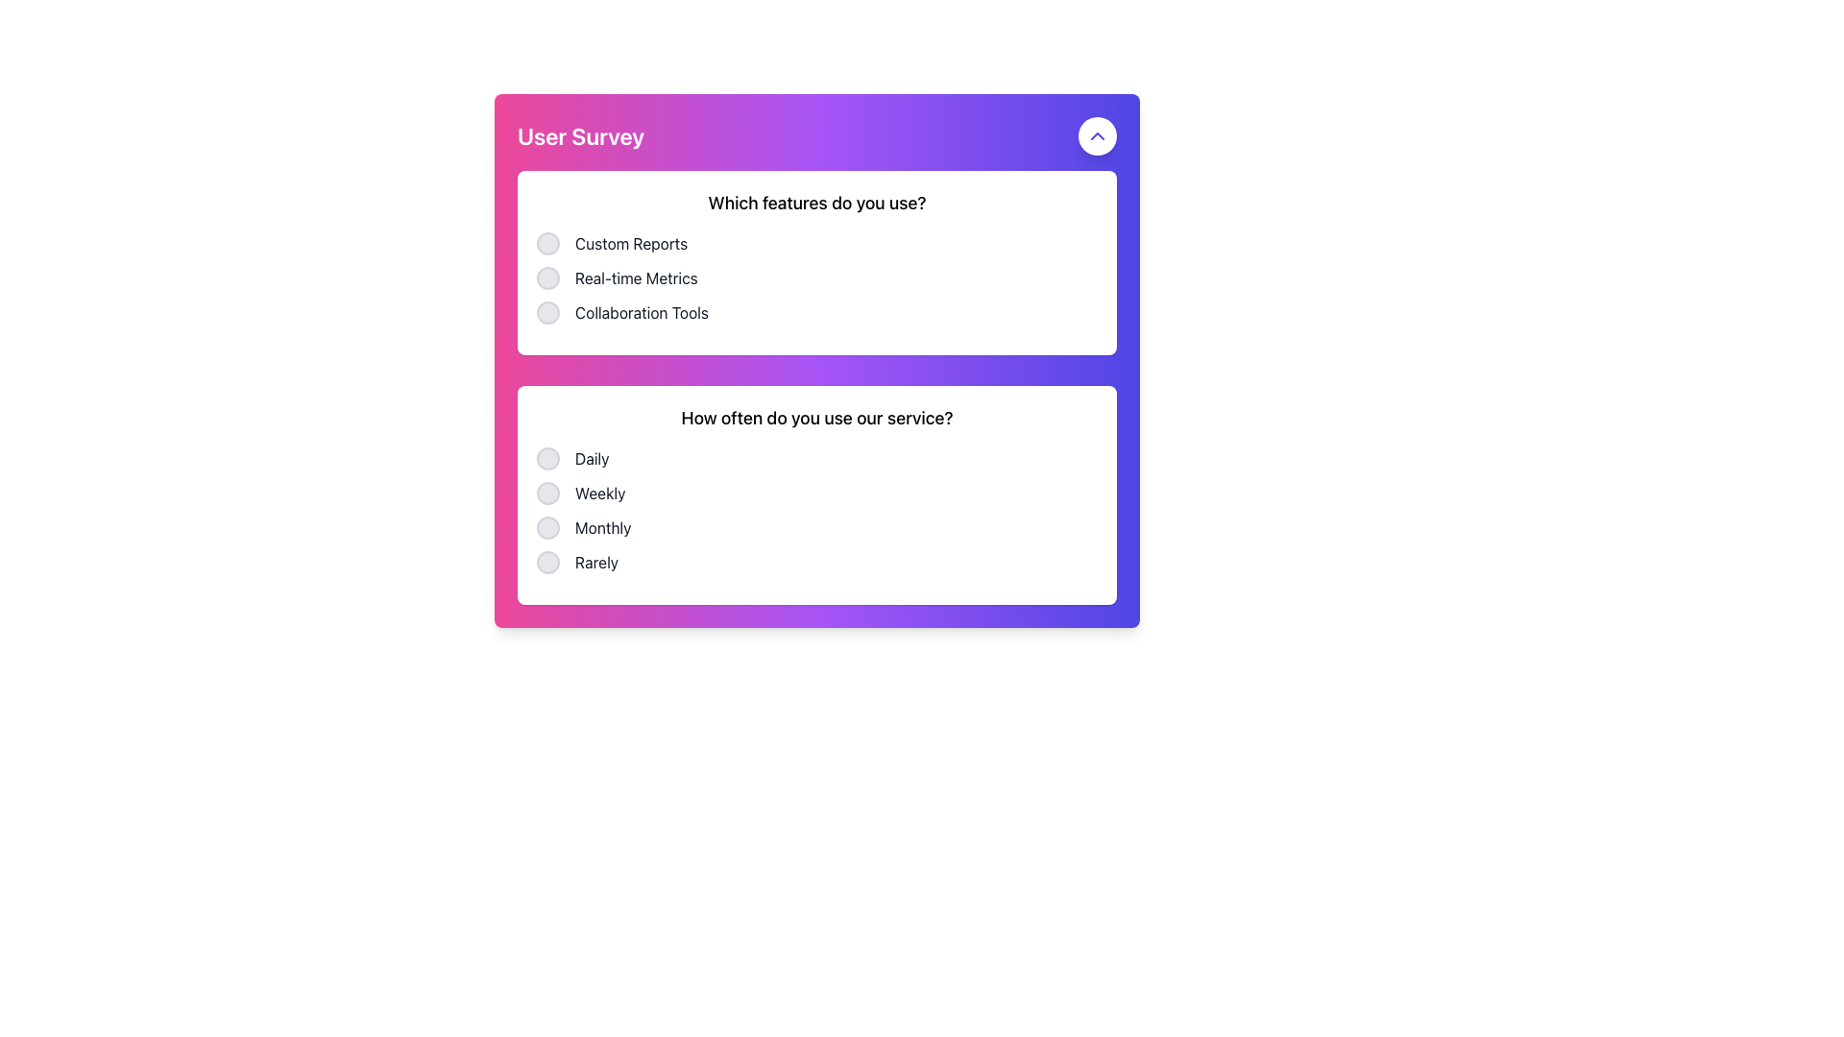 Image resolution: width=1844 pixels, height=1037 pixels. Describe the element at coordinates (816, 492) in the screenshot. I see `the 'Weekly' radio button option in the survey question 'How often do you use our service?'` at that location.